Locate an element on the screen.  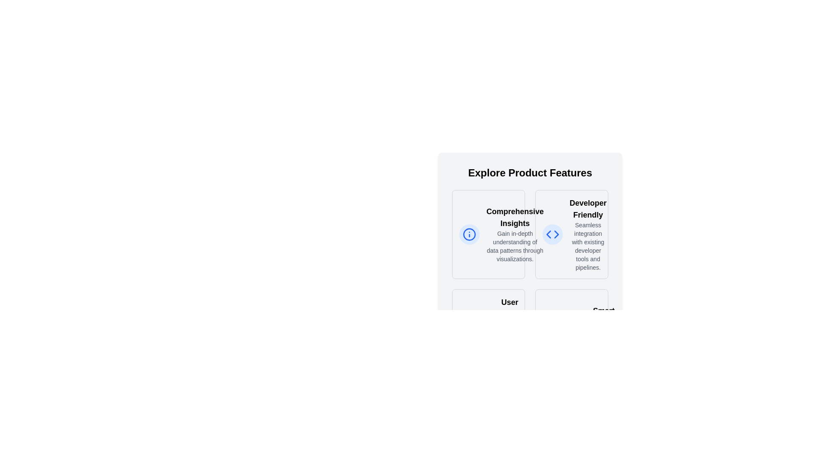
the circular badge with a blue border and light blue background containing an information icon, located at the top-left corner of the 'Comprehensive Insights' card is located at coordinates (469, 234).